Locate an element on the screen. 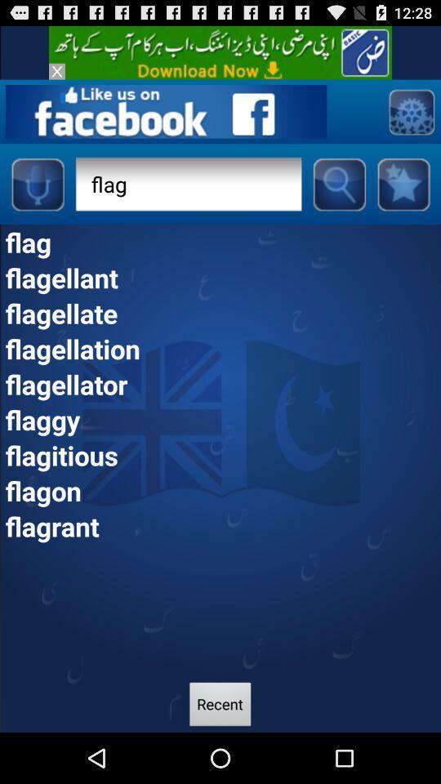 The image size is (441, 784). foverite button is located at coordinates (403, 184).